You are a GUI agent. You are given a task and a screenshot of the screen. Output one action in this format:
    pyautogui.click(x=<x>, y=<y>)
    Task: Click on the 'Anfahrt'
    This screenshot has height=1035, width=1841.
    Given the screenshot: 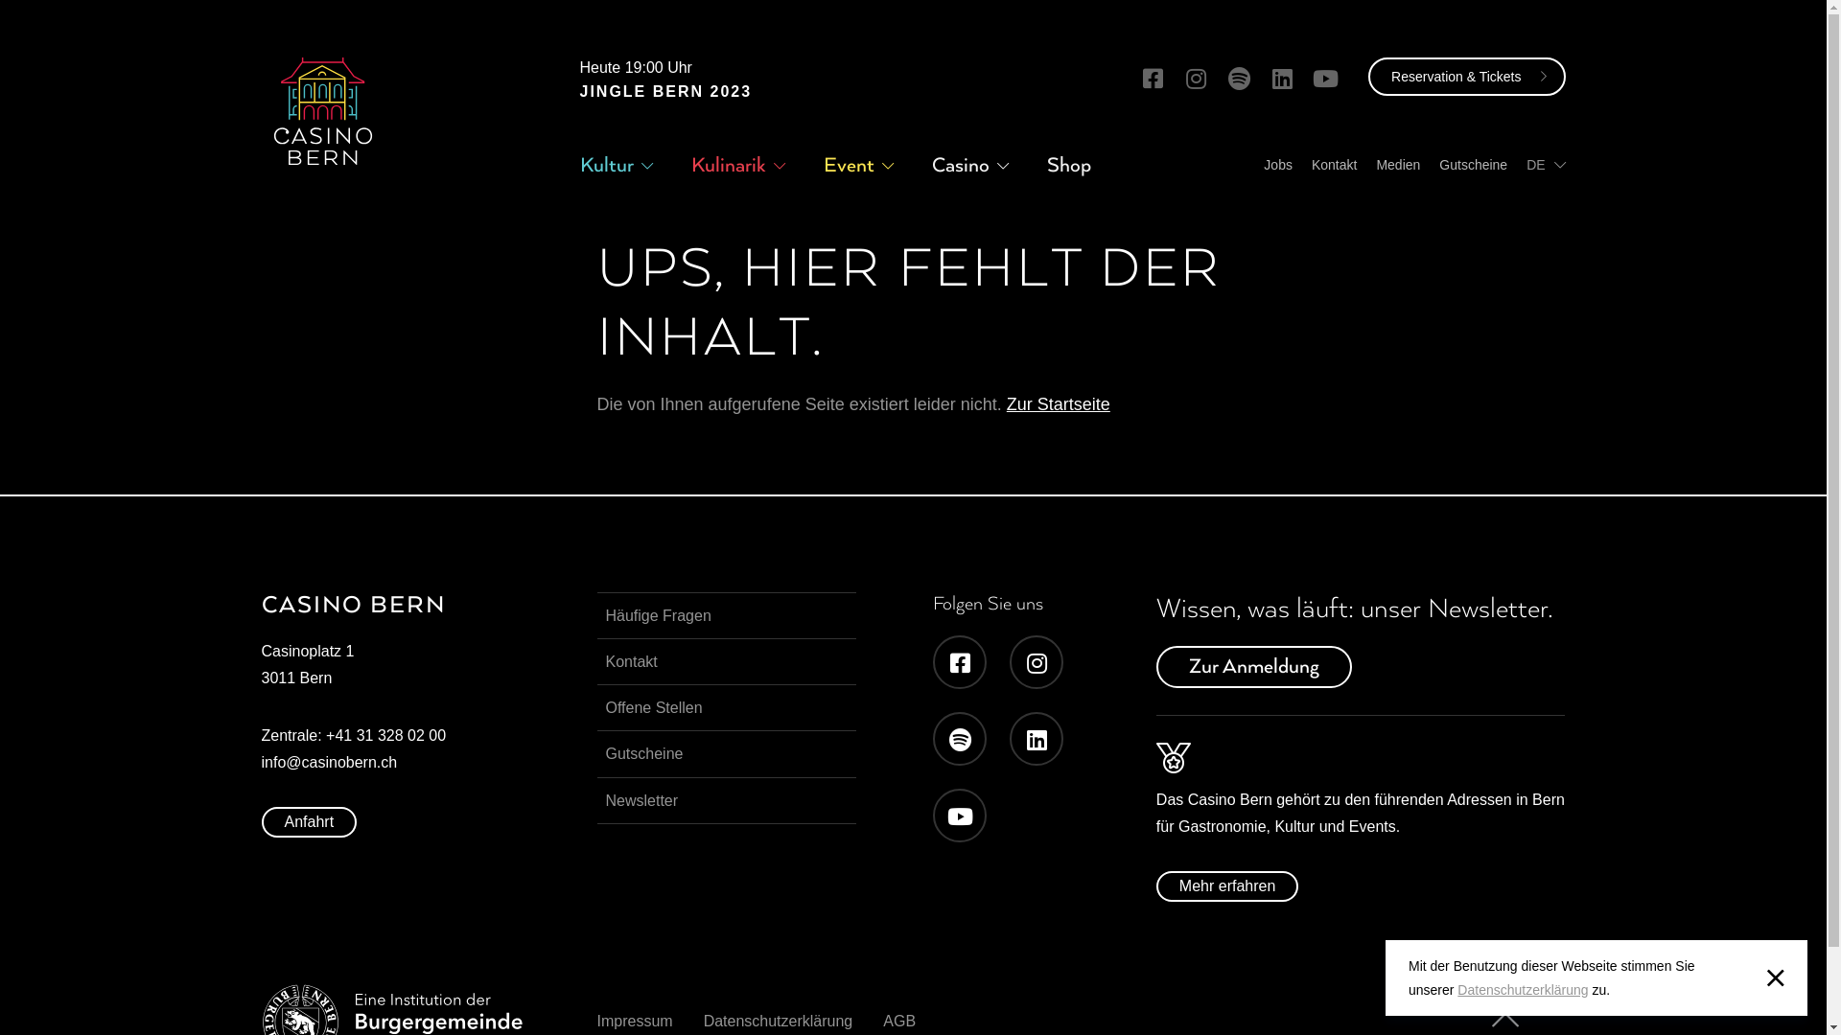 What is the action you would take?
    pyautogui.click(x=260, y=820)
    